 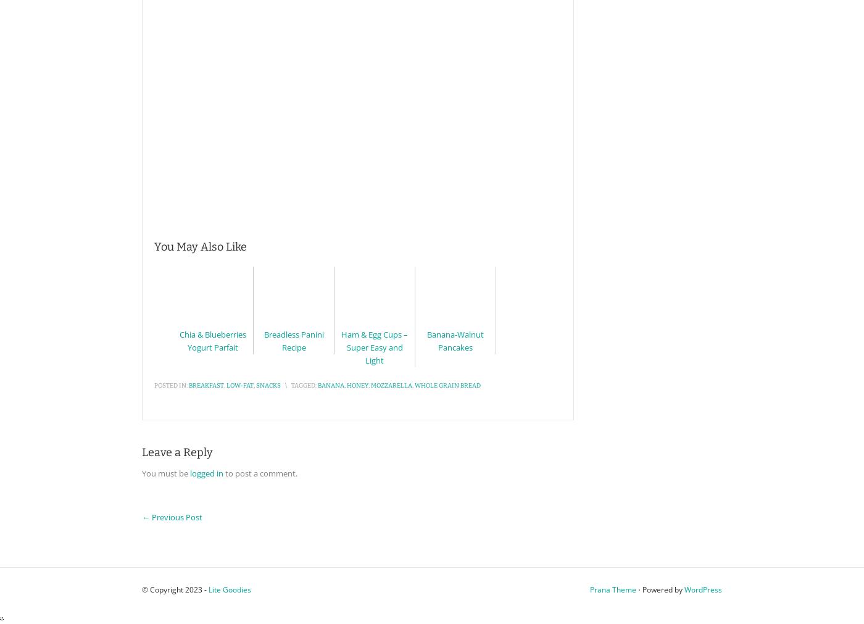 I want to click on 'Banana', so click(x=318, y=386).